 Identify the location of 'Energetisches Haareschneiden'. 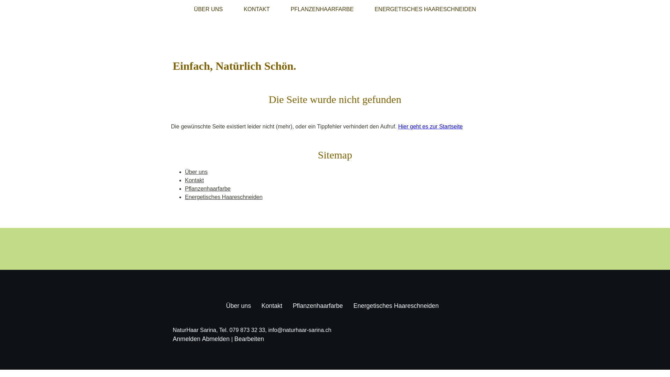
(224, 197).